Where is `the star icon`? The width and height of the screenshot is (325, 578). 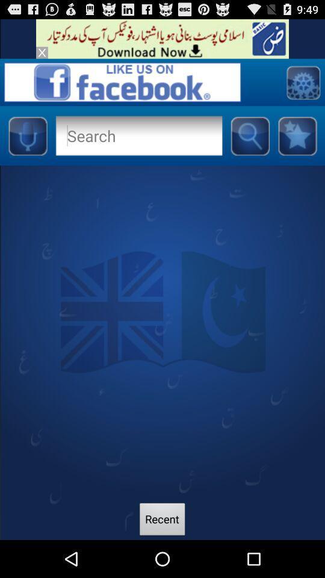 the star icon is located at coordinates (297, 144).